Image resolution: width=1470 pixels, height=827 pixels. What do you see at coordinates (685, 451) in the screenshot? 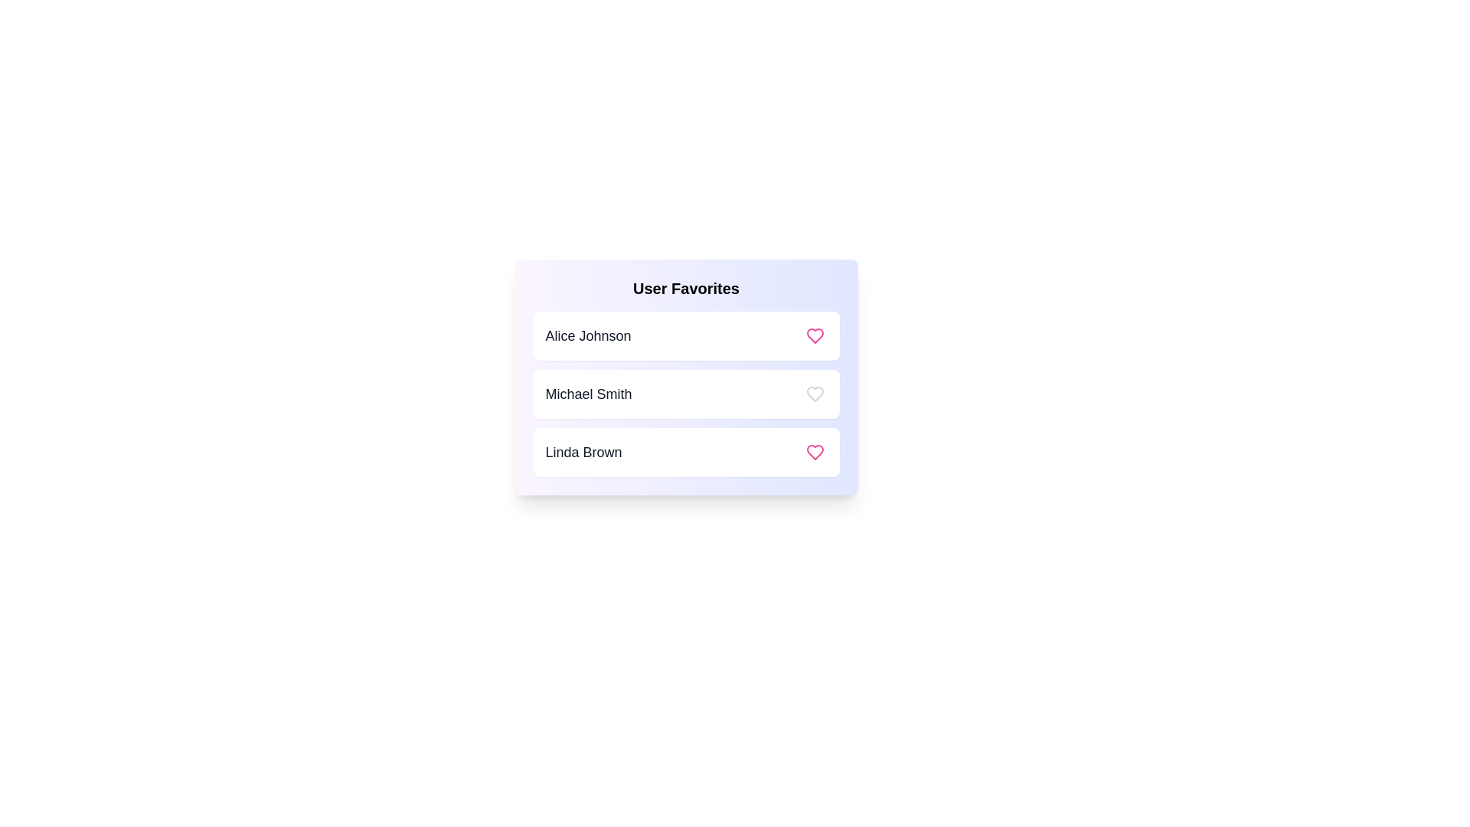
I see `the list item with the name Linda Brown` at bounding box center [685, 451].